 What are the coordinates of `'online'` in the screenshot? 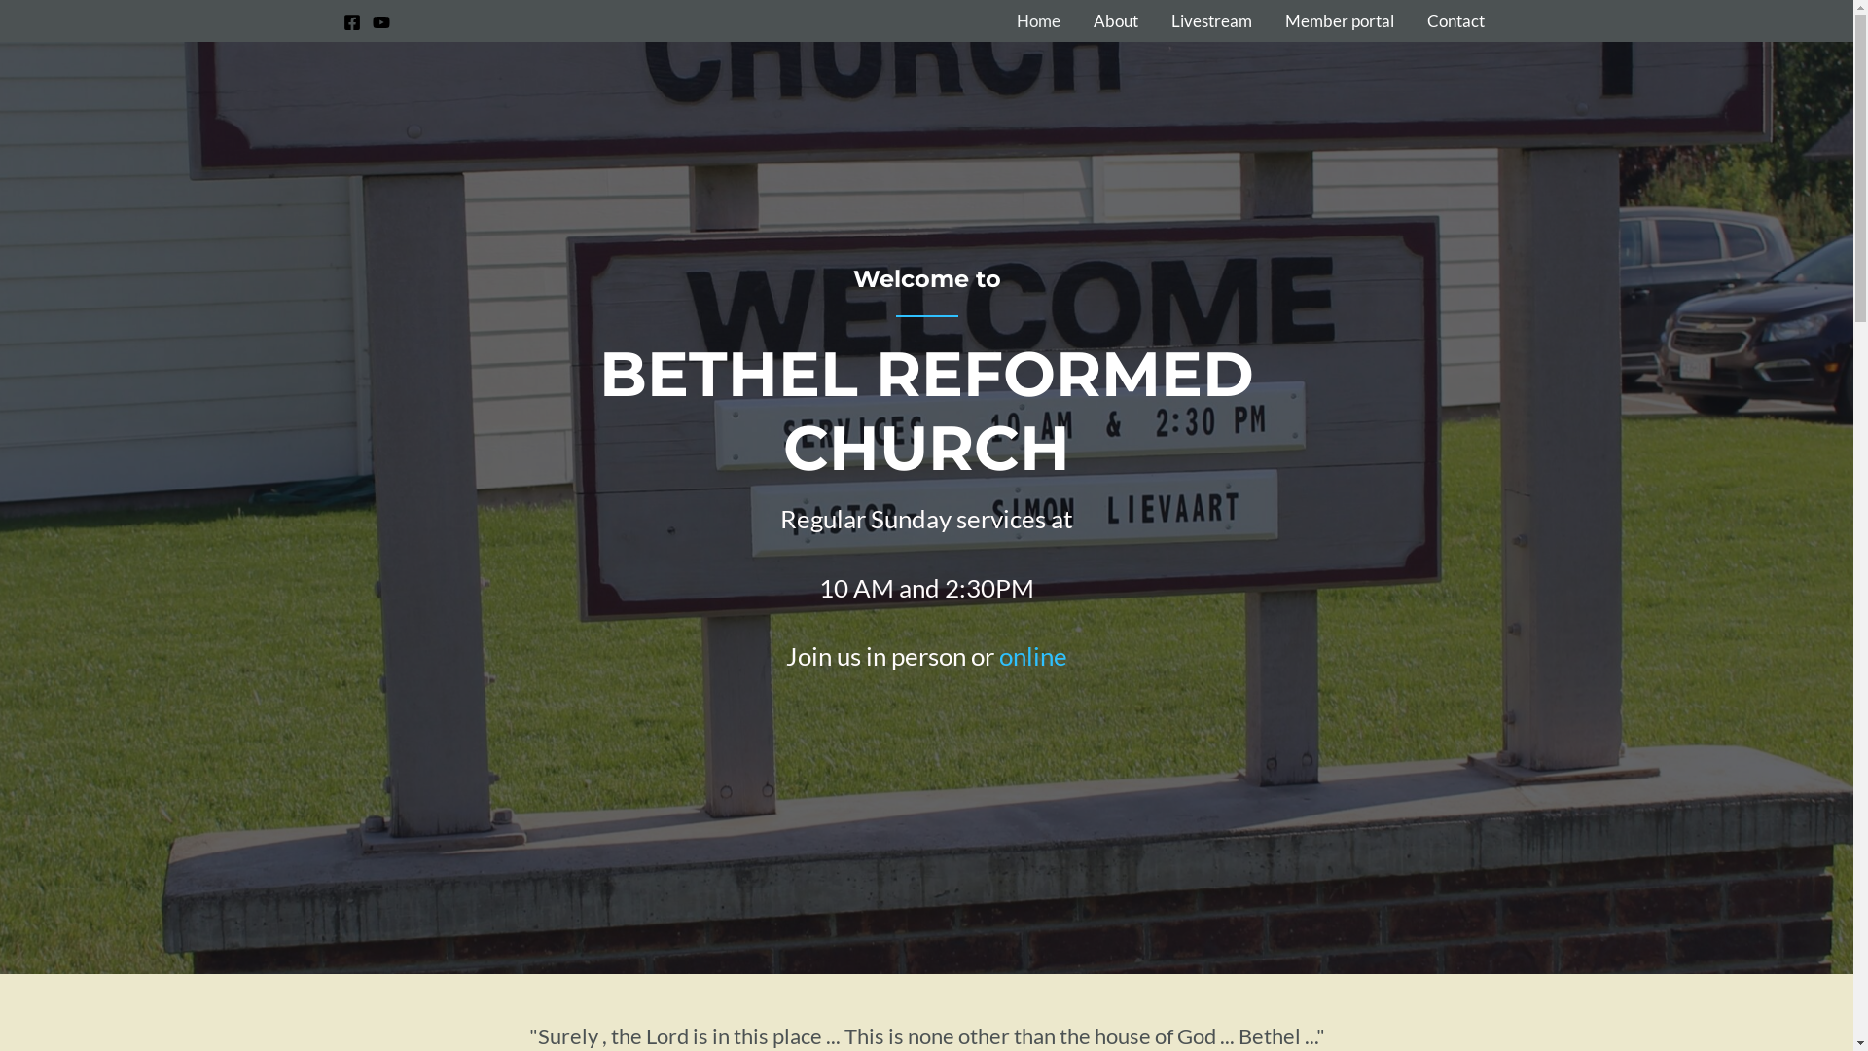 It's located at (1031, 656).